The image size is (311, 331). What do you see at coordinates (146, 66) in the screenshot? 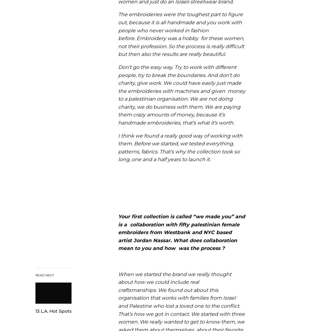
I see `'Don’t go the easy way.'` at bounding box center [146, 66].